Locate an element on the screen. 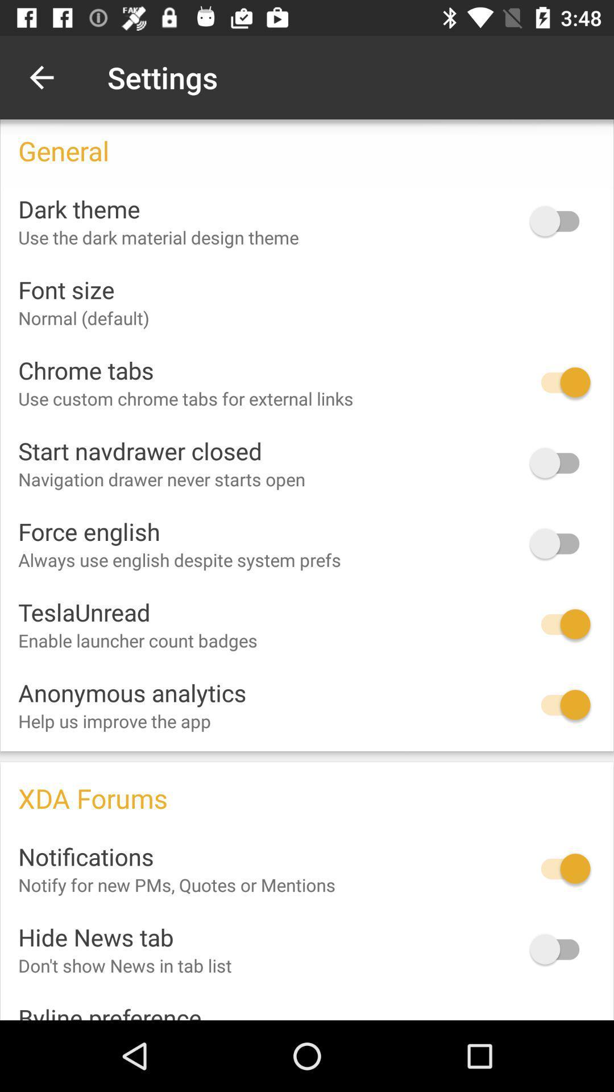  toggle is located at coordinates (559, 704).